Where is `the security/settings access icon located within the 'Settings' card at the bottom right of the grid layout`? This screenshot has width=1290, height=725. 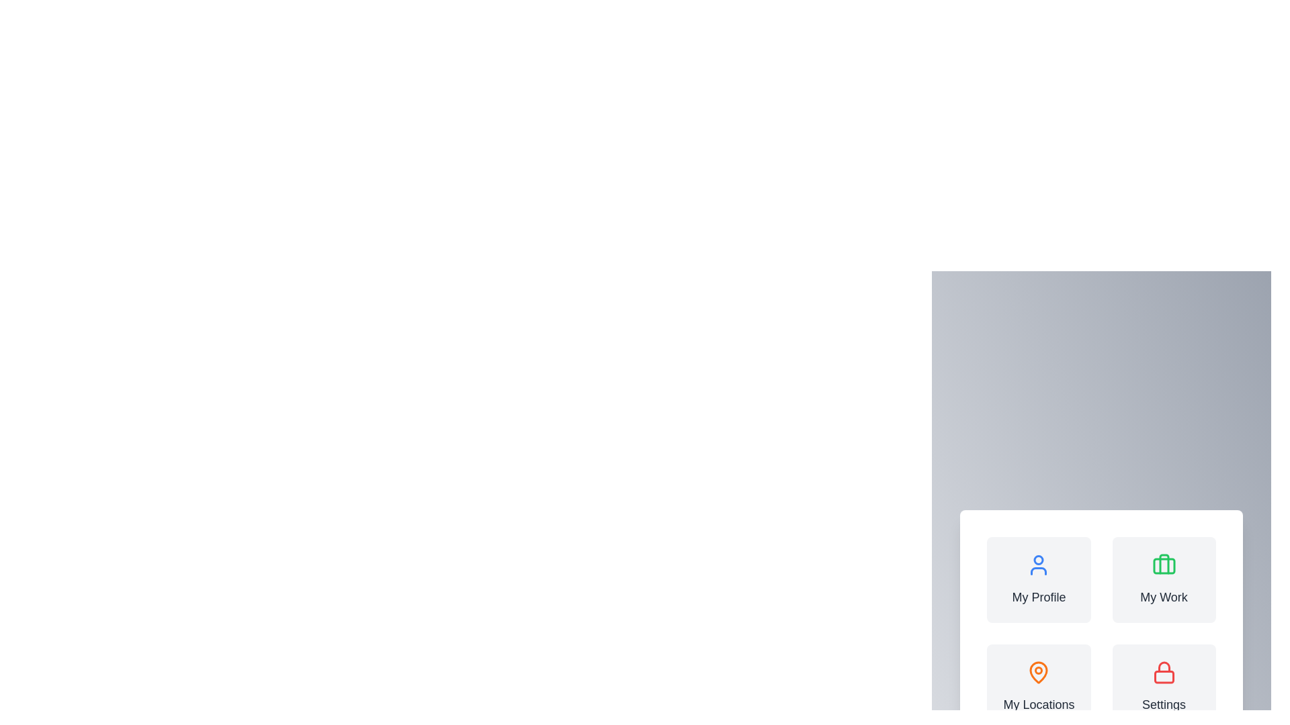 the security/settings access icon located within the 'Settings' card at the bottom right of the grid layout is located at coordinates (1163, 673).